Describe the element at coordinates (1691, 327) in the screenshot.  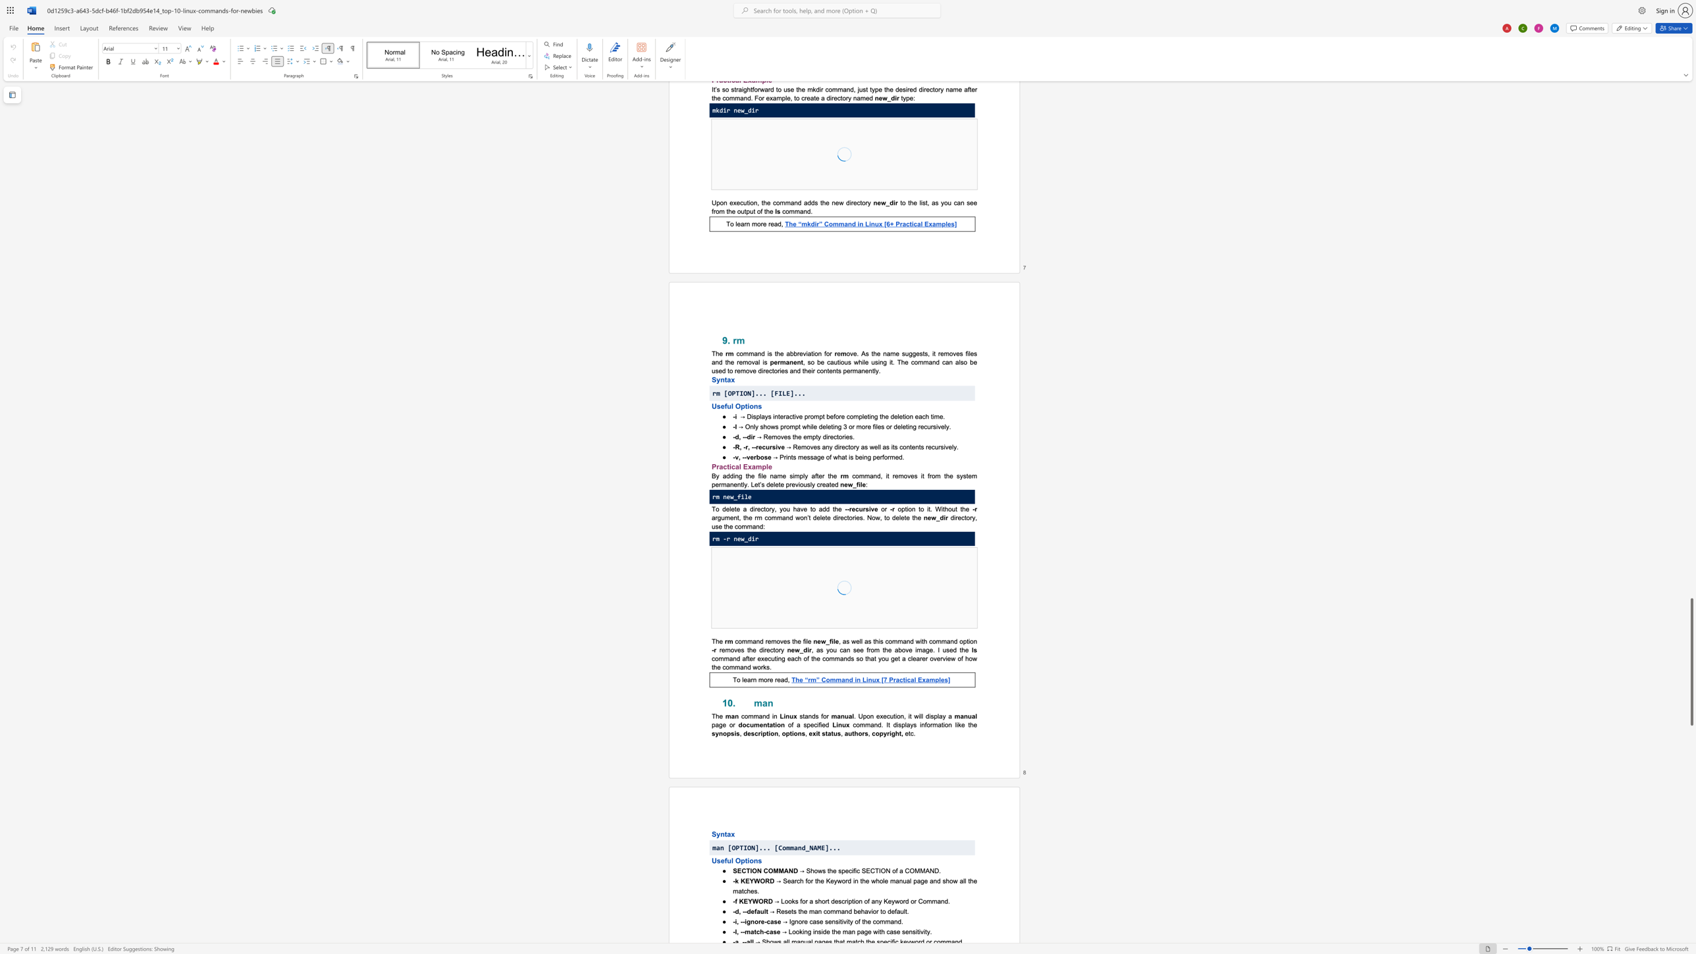
I see `the scrollbar on the right to move the page upward` at that location.